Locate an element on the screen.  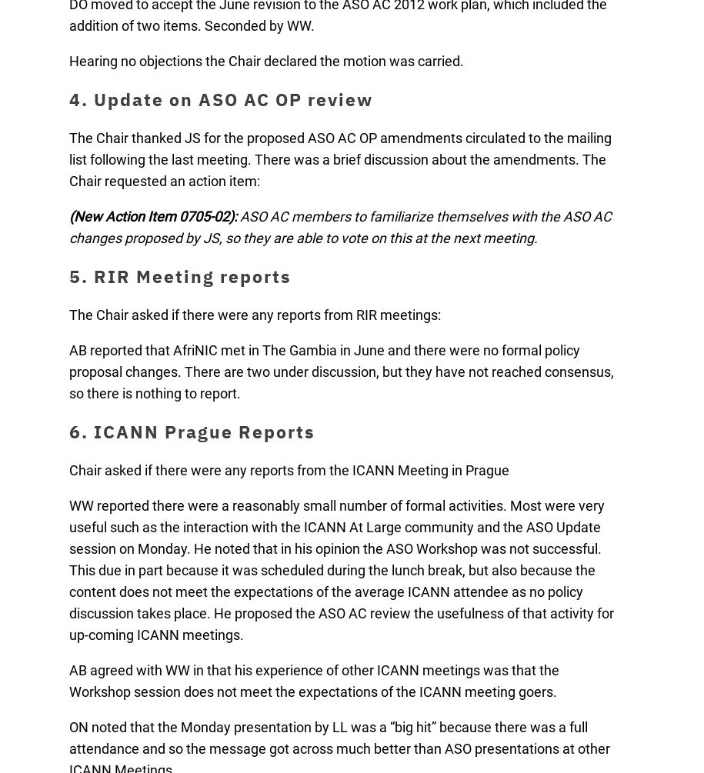
'5. RIR Meeting reports' is located at coordinates (180, 276).